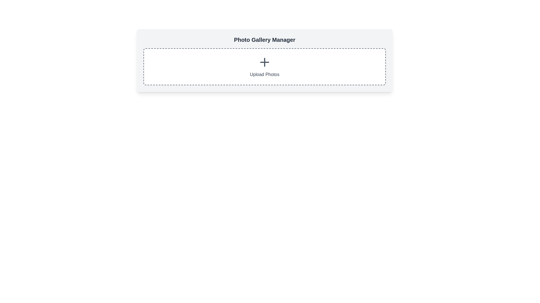  Describe the element at coordinates (264, 62) in the screenshot. I see `the Icon Button located at the center of the dashed-bordered rectangle to initiate the photo upload process` at that location.